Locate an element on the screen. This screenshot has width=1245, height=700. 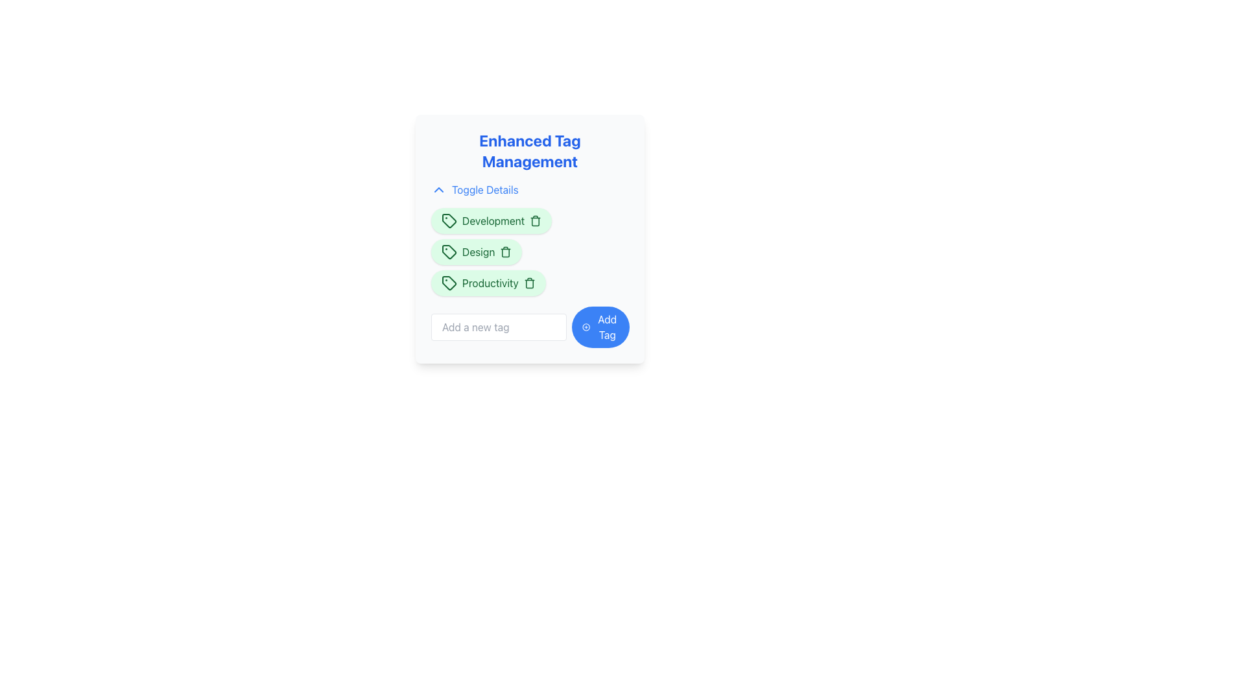
the graphical icon representing the 'Development' tag, which is positioned to the left of the 'Development' text in the 'Enhanced Tag Management' section is located at coordinates (449, 220).